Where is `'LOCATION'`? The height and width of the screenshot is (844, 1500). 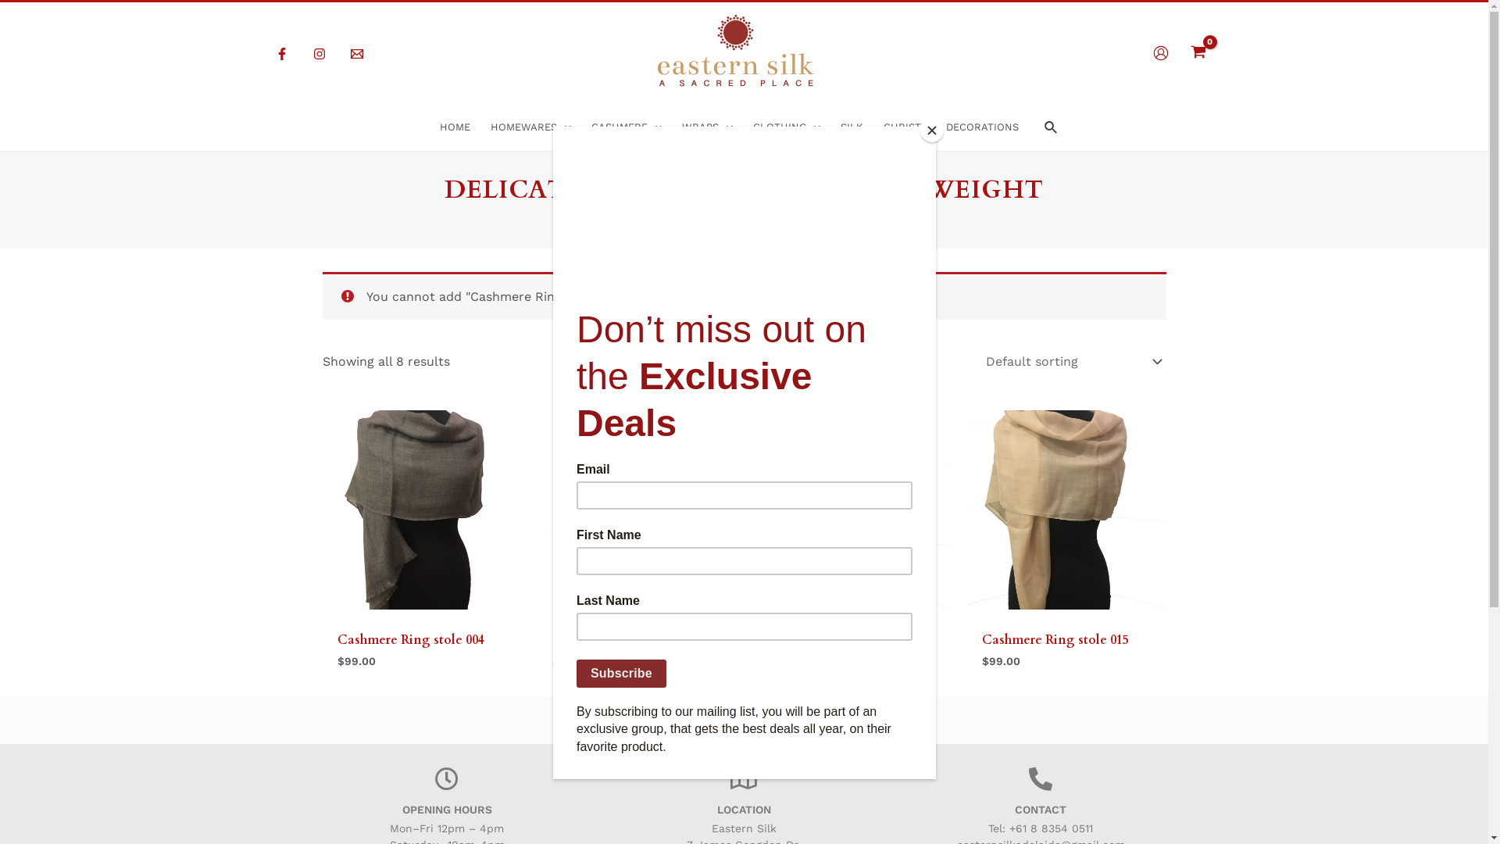
'LOCATION' is located at coordinates (743, 809).